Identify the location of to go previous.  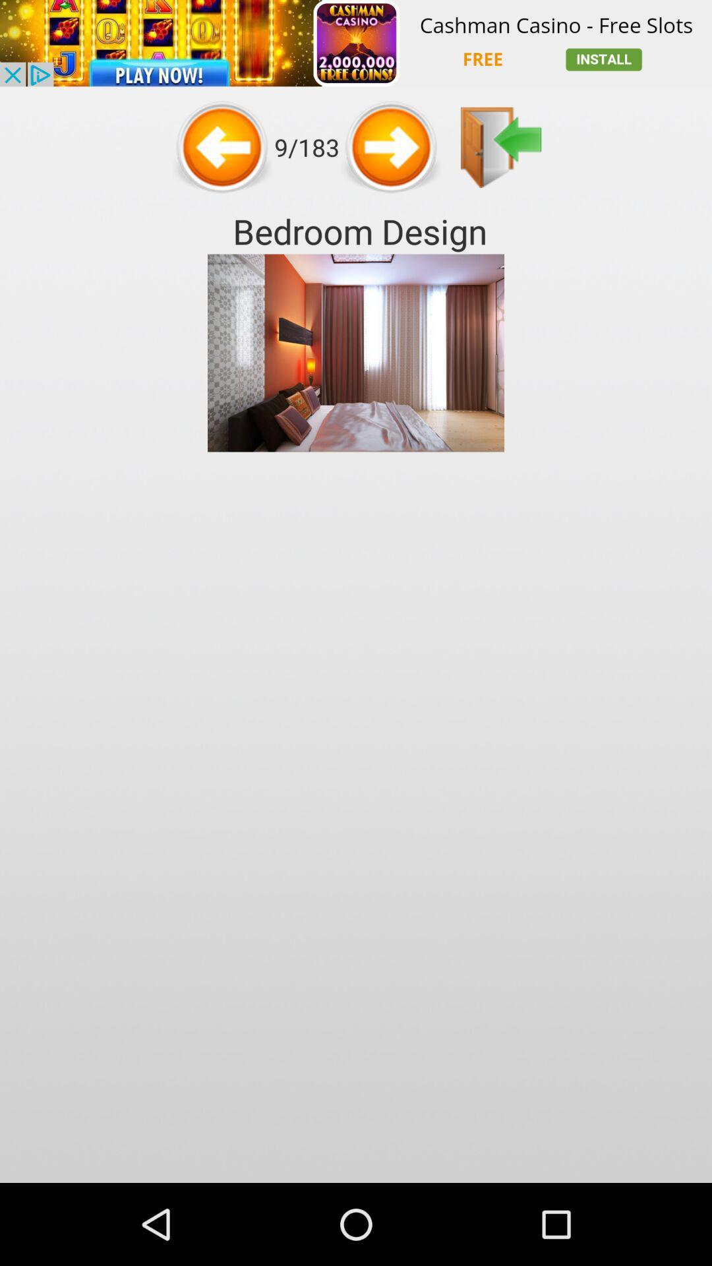
(391, 147).